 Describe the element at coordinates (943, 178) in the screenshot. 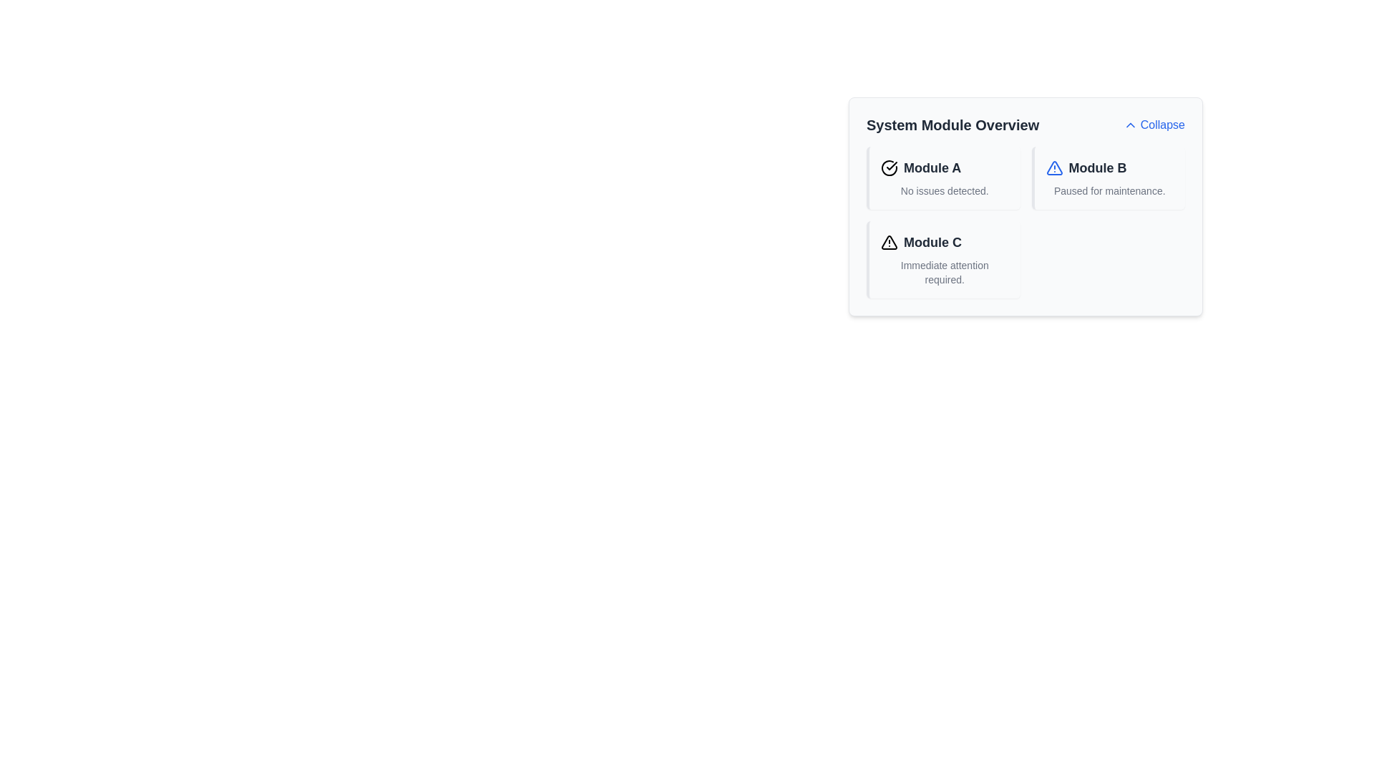

I see `the Notification card for 'Module A' that indicates no issues detected, positioned at the top-left of the grid layout` at that location.